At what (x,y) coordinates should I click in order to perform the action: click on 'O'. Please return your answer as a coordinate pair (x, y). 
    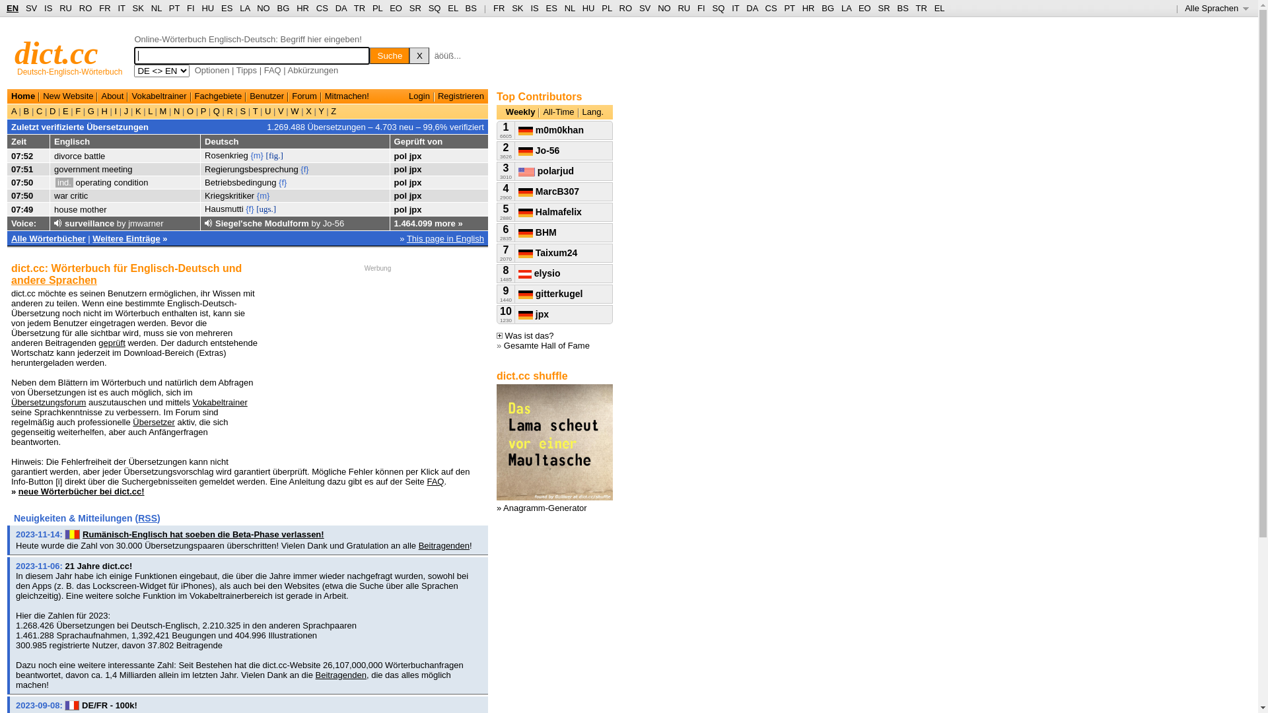
    Looking at the image, I should click on (189, 110).